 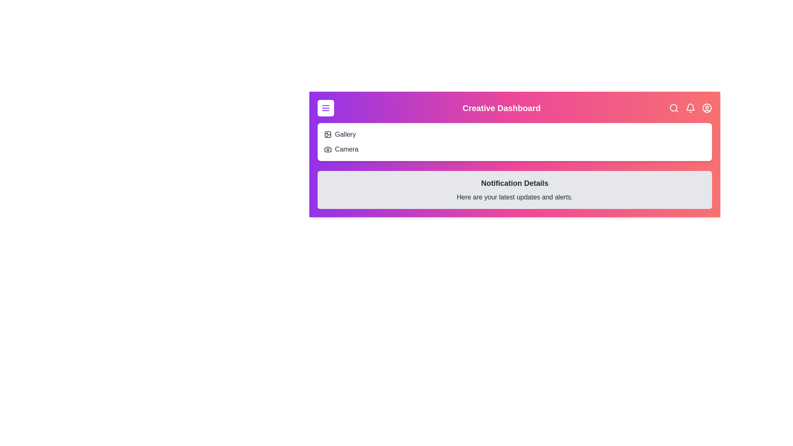 I want to click on the 'Camera' menu item to select it, so click(x=347, y=149).